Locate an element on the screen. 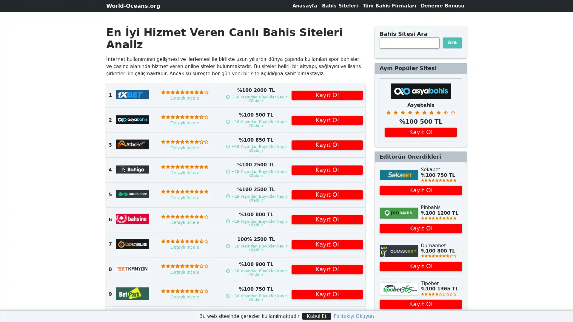  Load terms and conditions is located at coordinates (256, 198).